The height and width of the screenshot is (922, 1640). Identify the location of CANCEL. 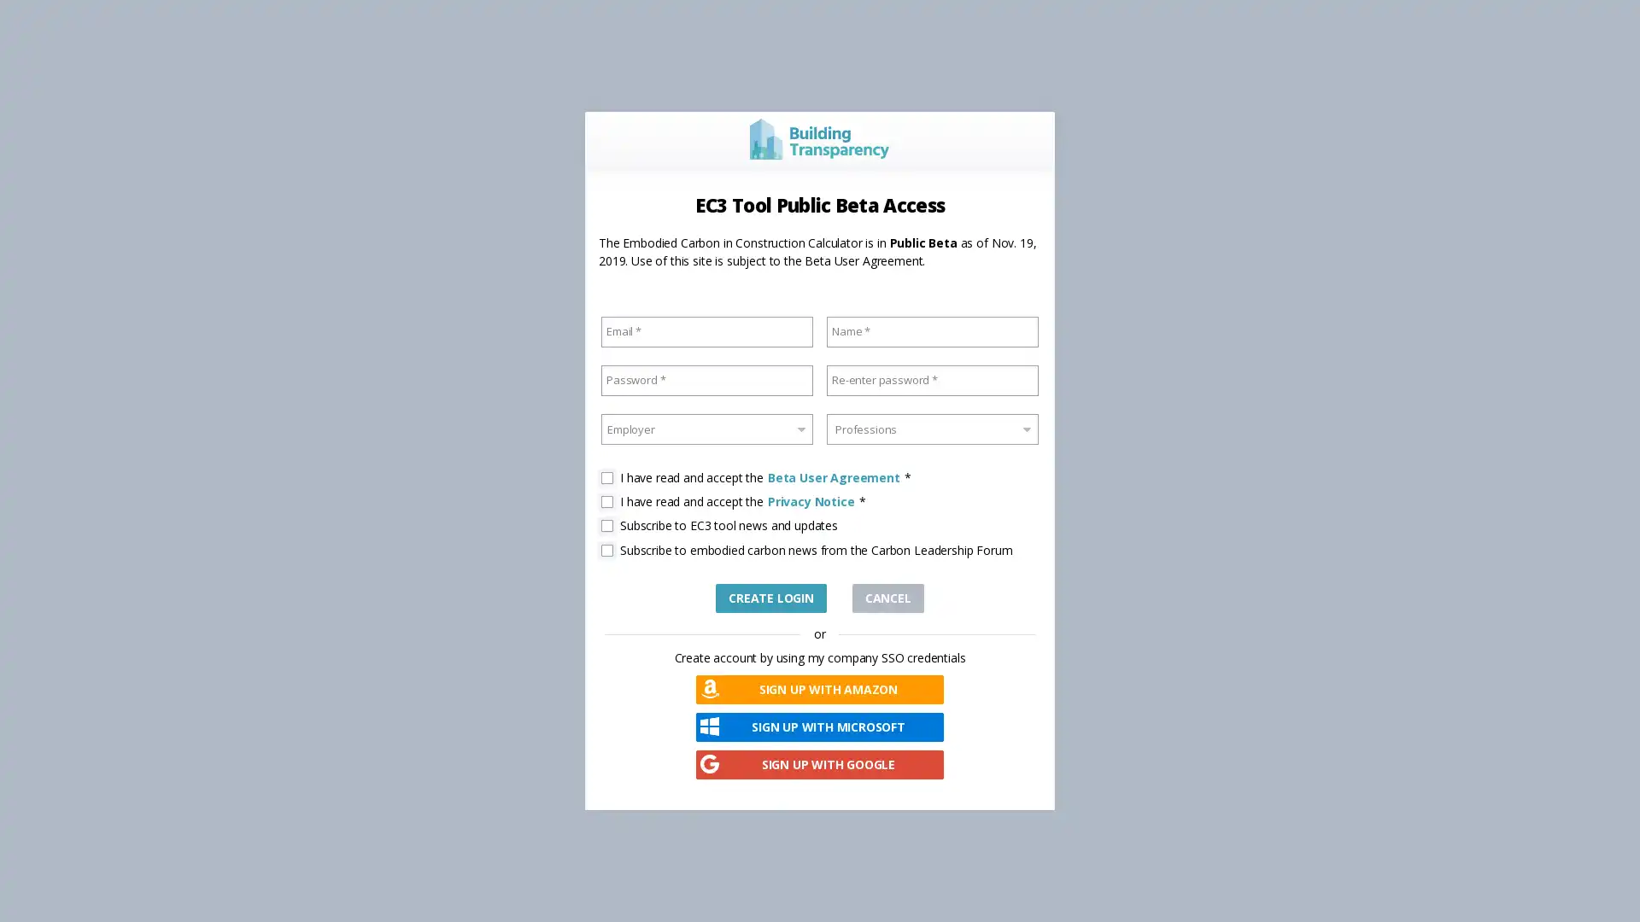
(887, 596).